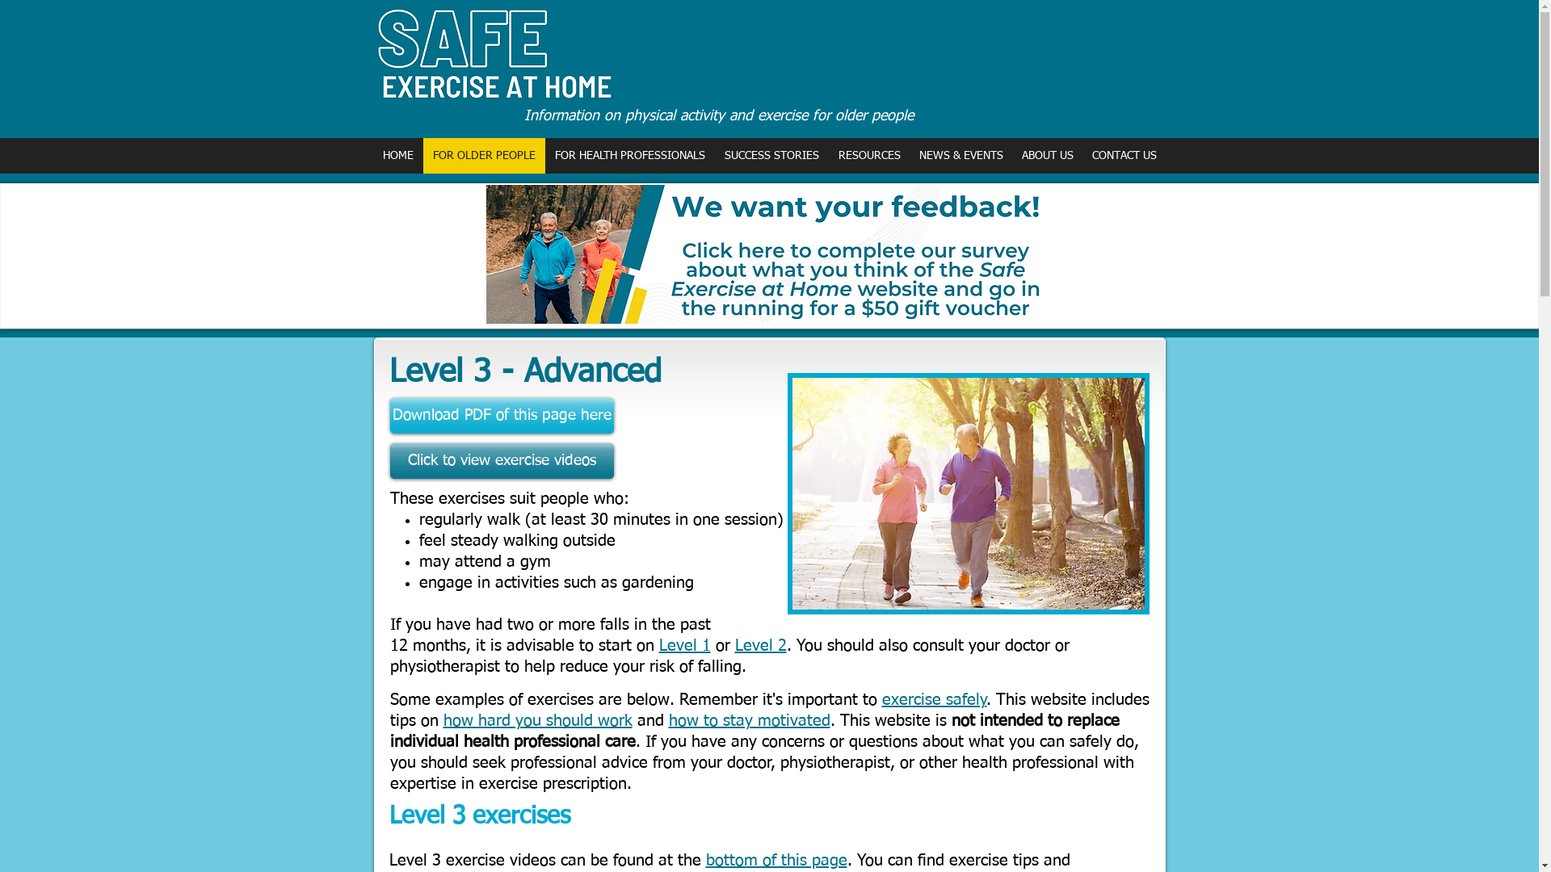 The width and height of the screenshot is (1551, 872). What do you see at coordinates (881, 699) in the screenshot?
I see `'exercise safely'` at bounding box center [881, 699].